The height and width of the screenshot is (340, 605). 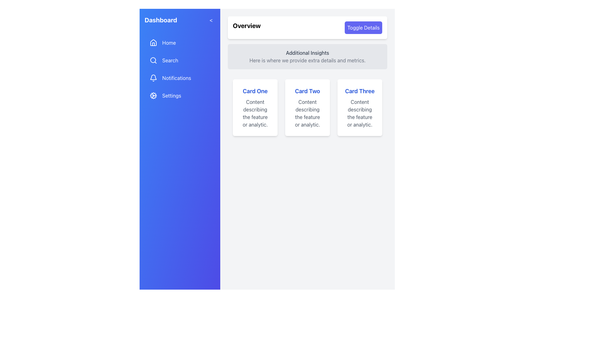 What do you see at coordinates (180, 60) in the screenshot?
I see `the 'Search' navigation menu item, which is the second item in the vertical navigation menu with a blue background gradient` at bounding box center [180, 60].